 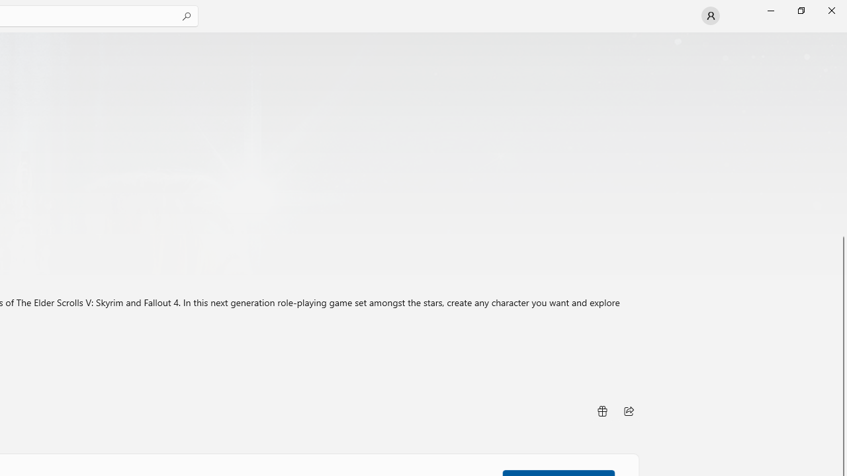 What do you see at coordinates (800, 10) in the screenshot?
I see `'Restore Microsoft Store'` at bounding box center [800, 10].